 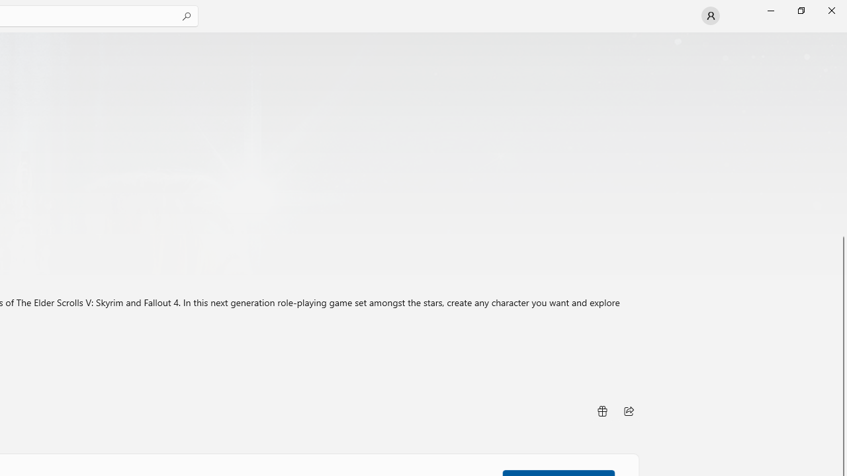 What do you see at coordinates (800, 10) in the screenshot?
I see `'Restore Microsoft Store'` at bounding box center [800, 10].